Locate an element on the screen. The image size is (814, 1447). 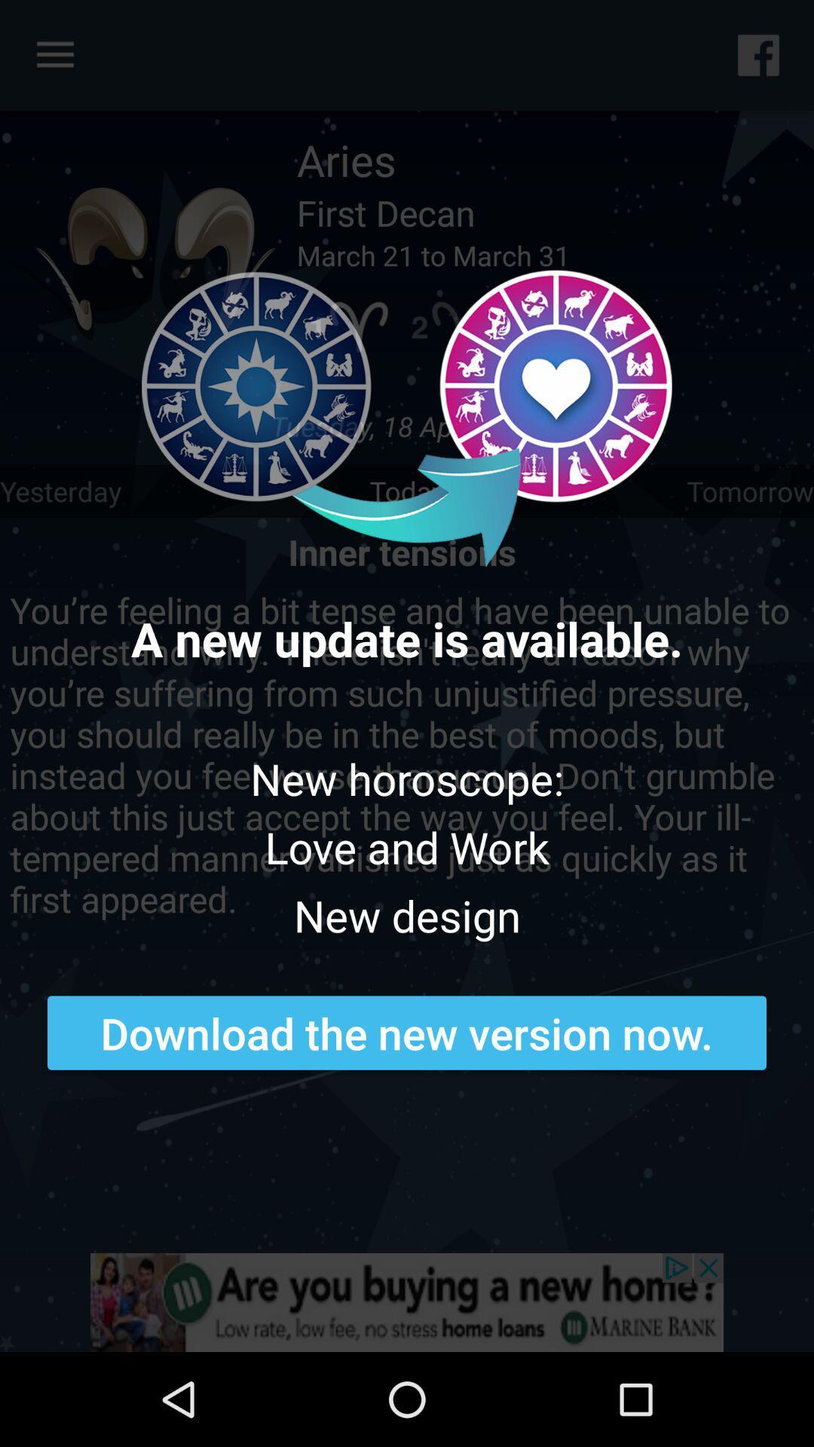
download the new is located at coordinates (407, 1032).